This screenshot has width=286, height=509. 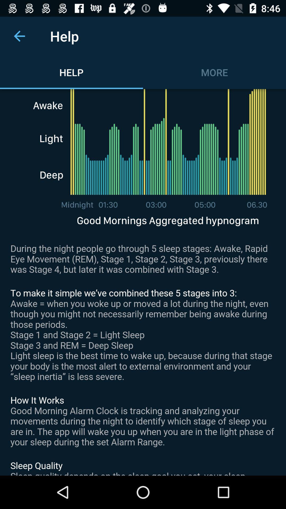 I want to click on graph with data, so click(x=143, y=282).